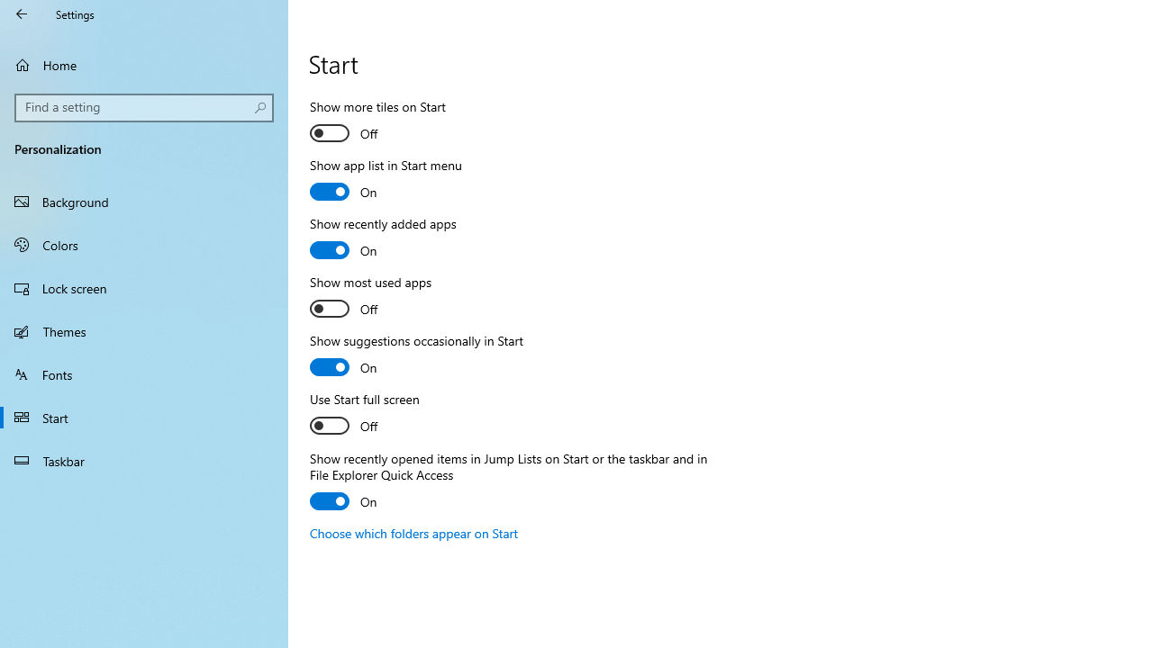 The image size is (1153, 648). Describe the element at coordinates (144, 330) in the screenshot. I see `'Themes'` at that location.